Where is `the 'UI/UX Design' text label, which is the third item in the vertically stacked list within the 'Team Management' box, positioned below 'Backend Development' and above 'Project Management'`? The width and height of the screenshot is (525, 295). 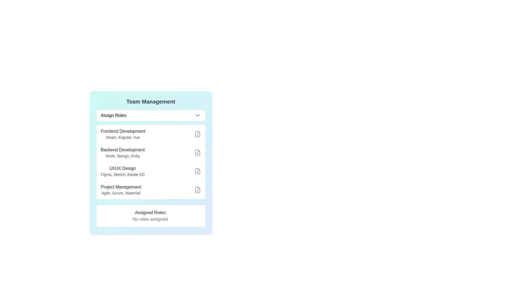
the 'UI/UX Design' text label, which is the third item in the vertically stacked list within the 'Team Management' box, positioned below 'Backend Development' and above 'Project Management' is located at coordinates (122, 171).